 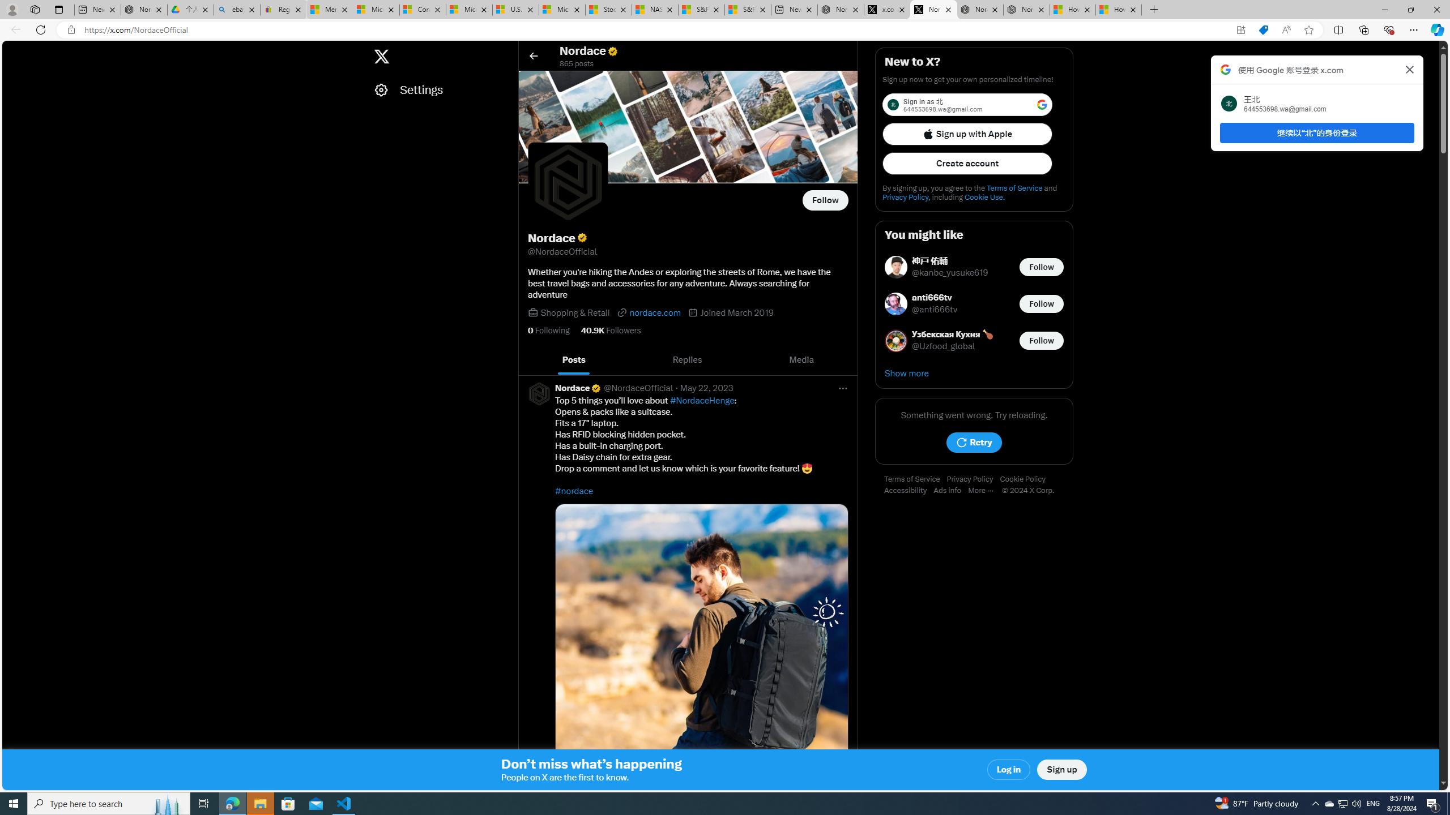 What do you see at coordinates (935, 310) in the screenshot?
I see `'@anti666tv'` at bounding box center [935, 310].